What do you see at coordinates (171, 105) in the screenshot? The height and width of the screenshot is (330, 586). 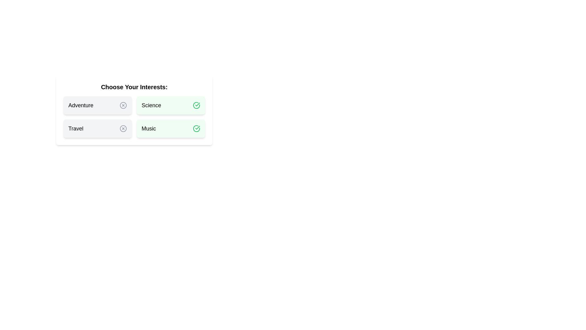 I see `the chip labeled Science to observe hover effects` at bounding box center [171, 105].